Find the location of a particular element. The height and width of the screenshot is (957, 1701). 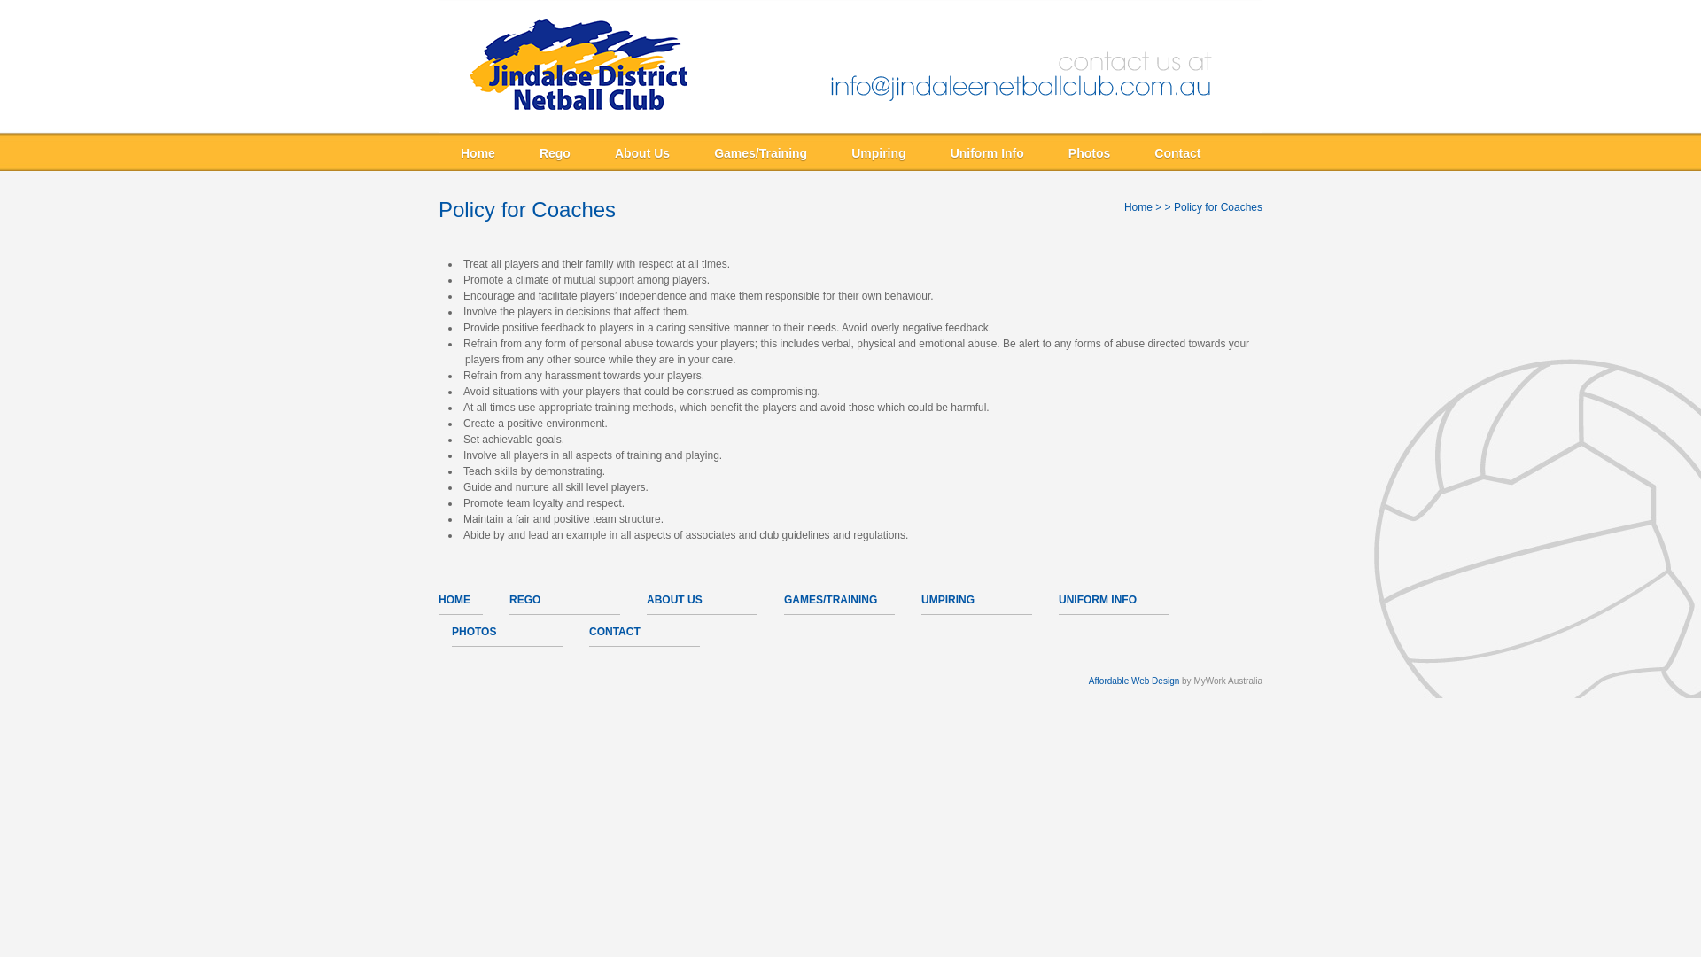

'Affordable Web Design' is located at coordinates (1134, 680).